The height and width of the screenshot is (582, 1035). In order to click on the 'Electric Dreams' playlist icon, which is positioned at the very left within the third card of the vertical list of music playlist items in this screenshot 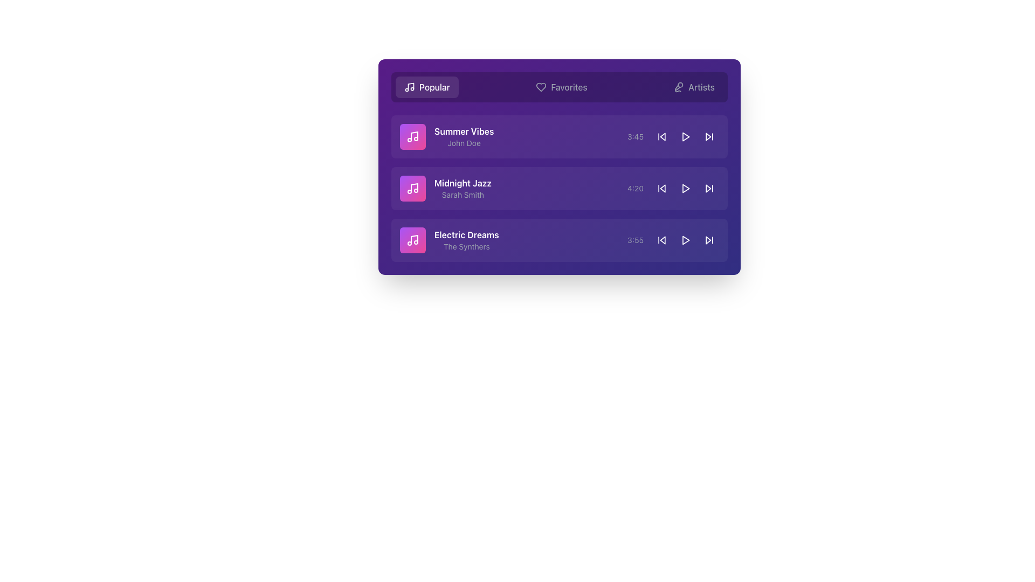, I will do `click(412, 240)`.